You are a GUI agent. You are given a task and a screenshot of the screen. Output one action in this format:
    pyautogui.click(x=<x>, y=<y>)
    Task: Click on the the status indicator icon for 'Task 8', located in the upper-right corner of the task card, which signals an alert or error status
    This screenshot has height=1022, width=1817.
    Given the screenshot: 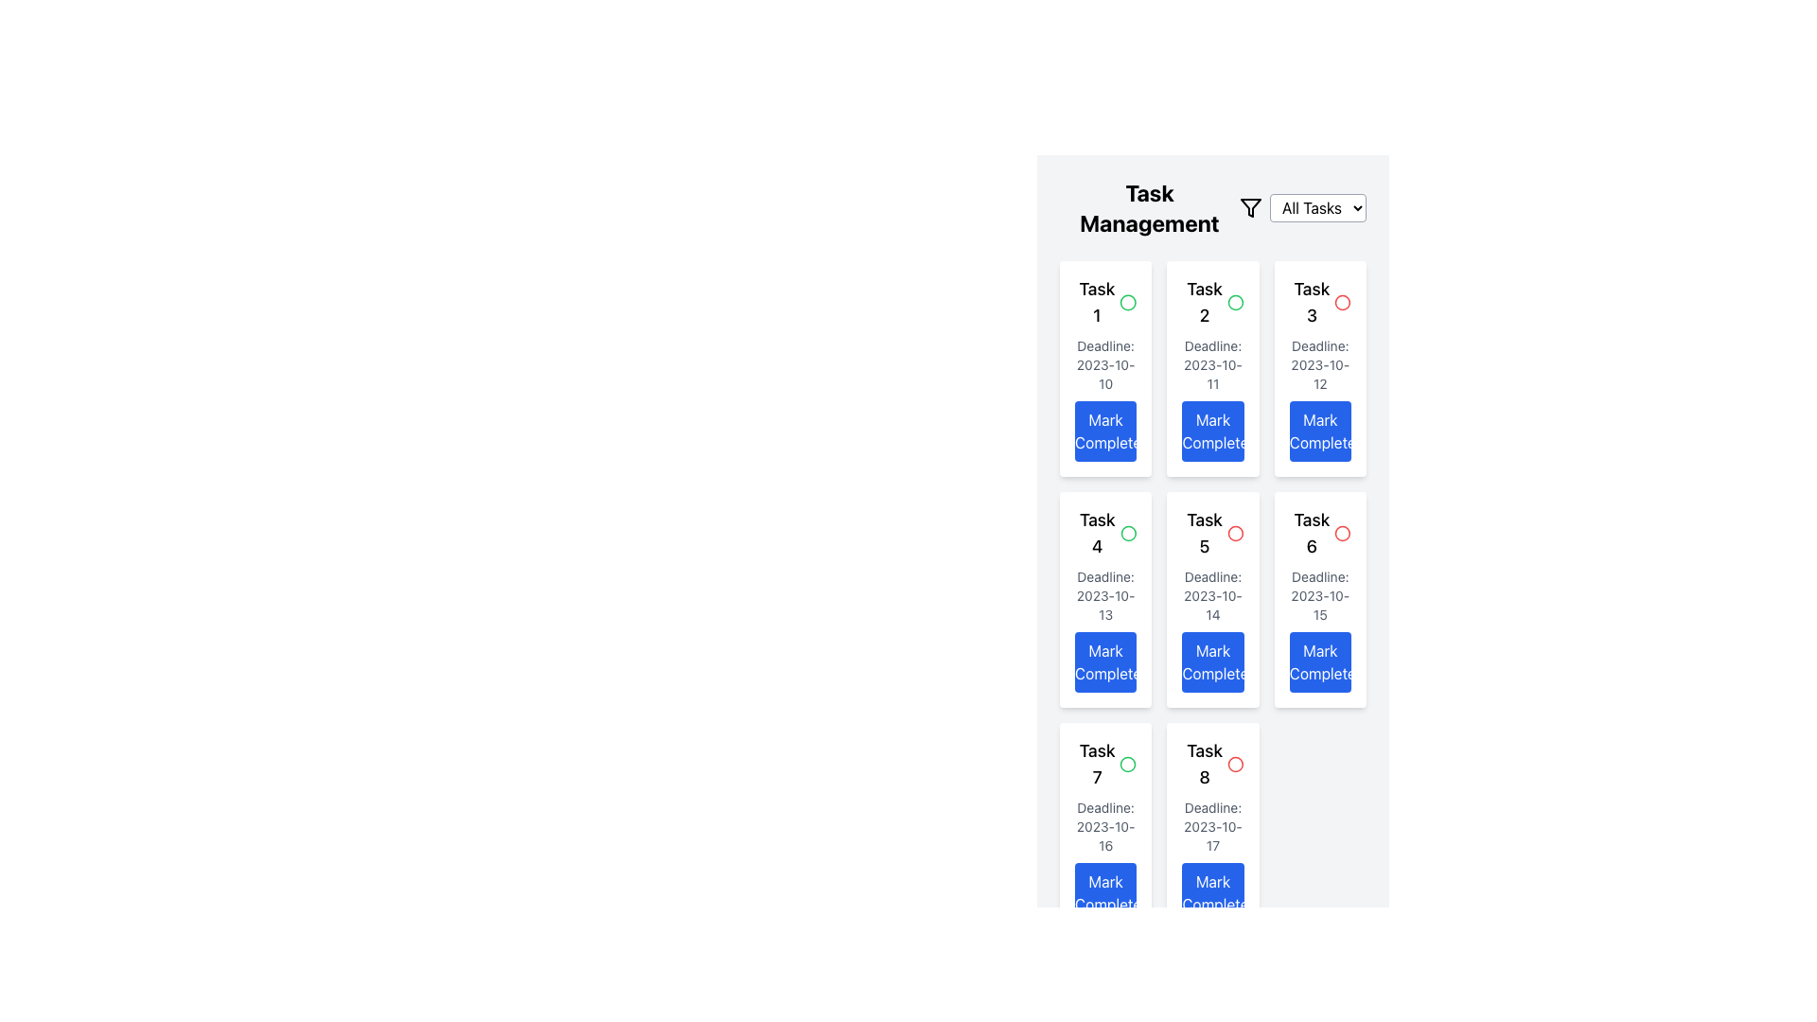 What is the action you would take?
    pyautogui.click(x=1235, y=763)
    